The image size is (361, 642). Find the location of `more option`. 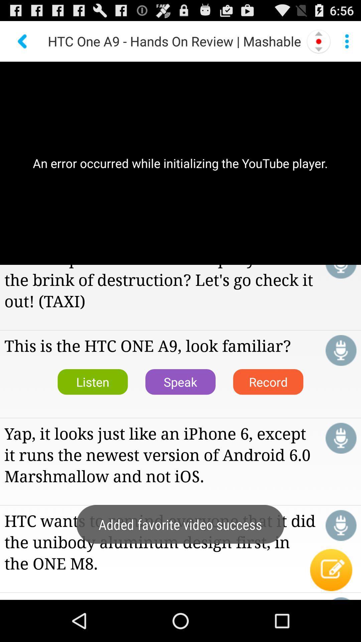

more option is located at coordinates (346, 41).